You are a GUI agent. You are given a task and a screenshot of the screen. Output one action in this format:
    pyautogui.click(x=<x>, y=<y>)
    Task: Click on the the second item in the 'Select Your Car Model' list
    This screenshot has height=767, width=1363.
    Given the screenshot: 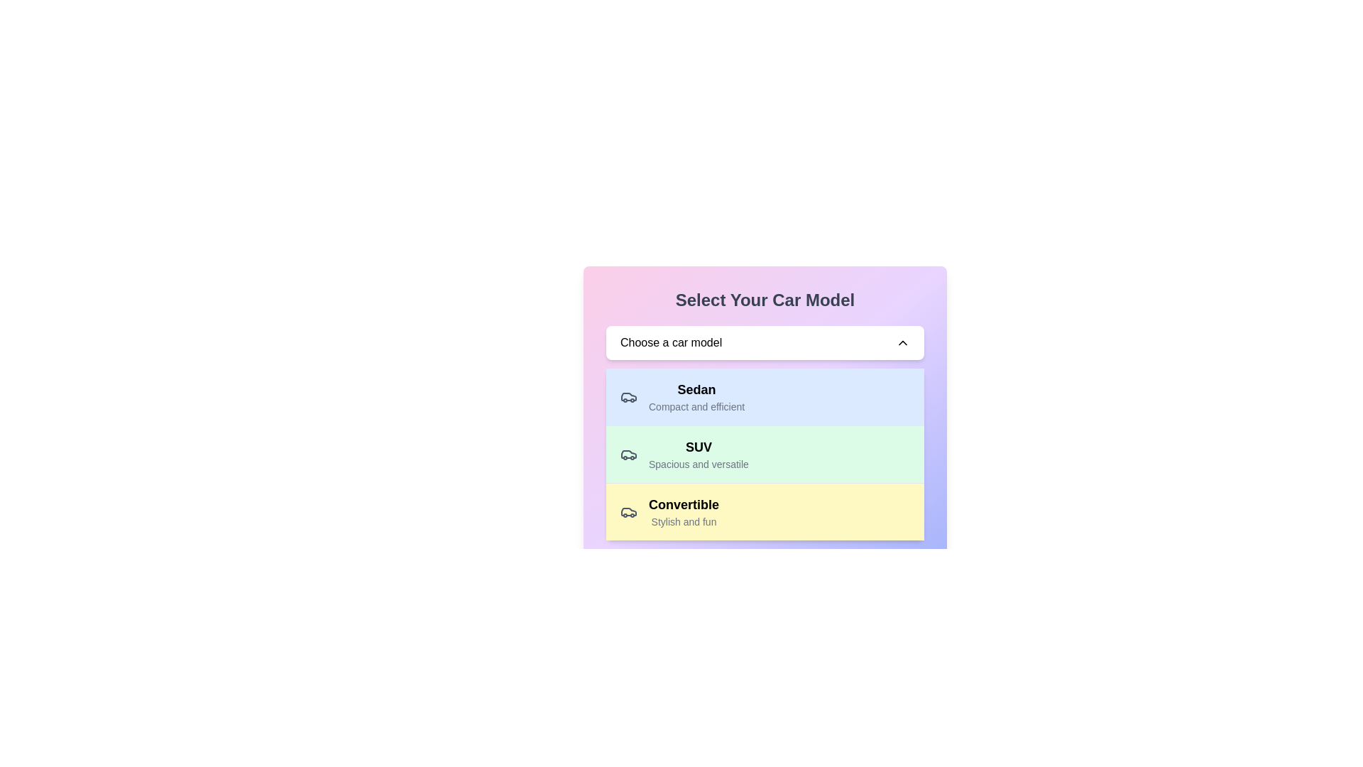 What is the action you would take?
    pyautogui.click(x=765, y=454)
    